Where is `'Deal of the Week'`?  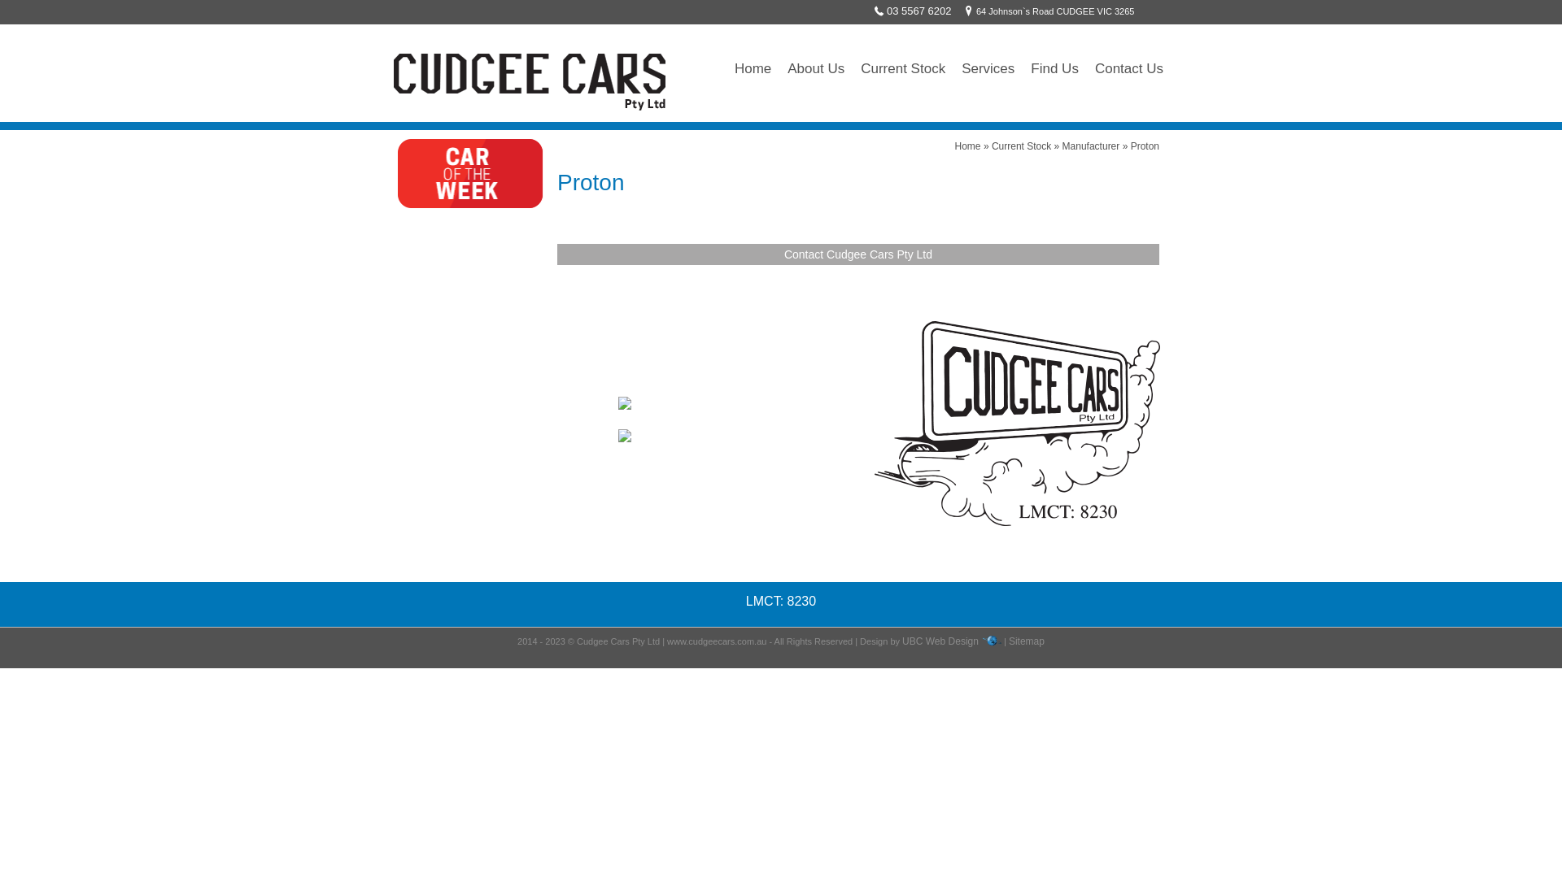 'Deal of the Week' is located at coordinates (397, 173).